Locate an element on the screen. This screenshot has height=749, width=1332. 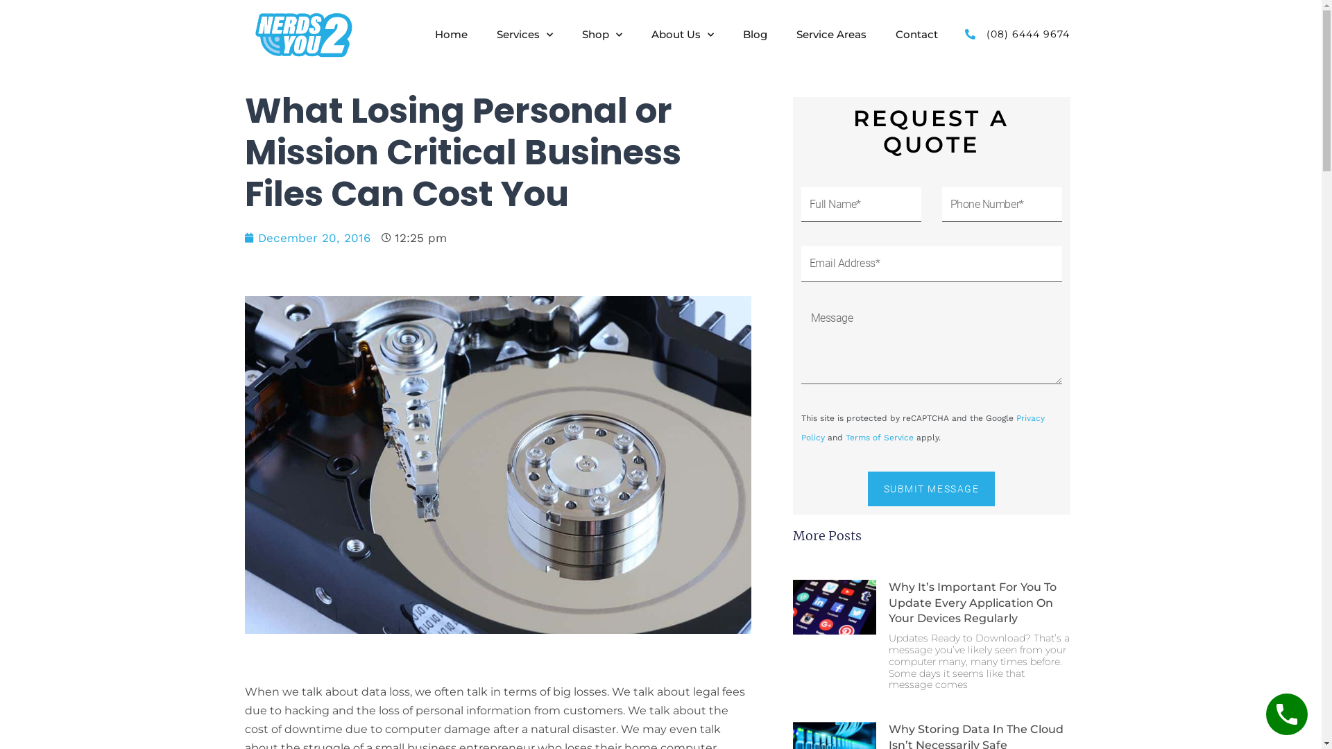
'About Us' is located at coordinates (651, 34).